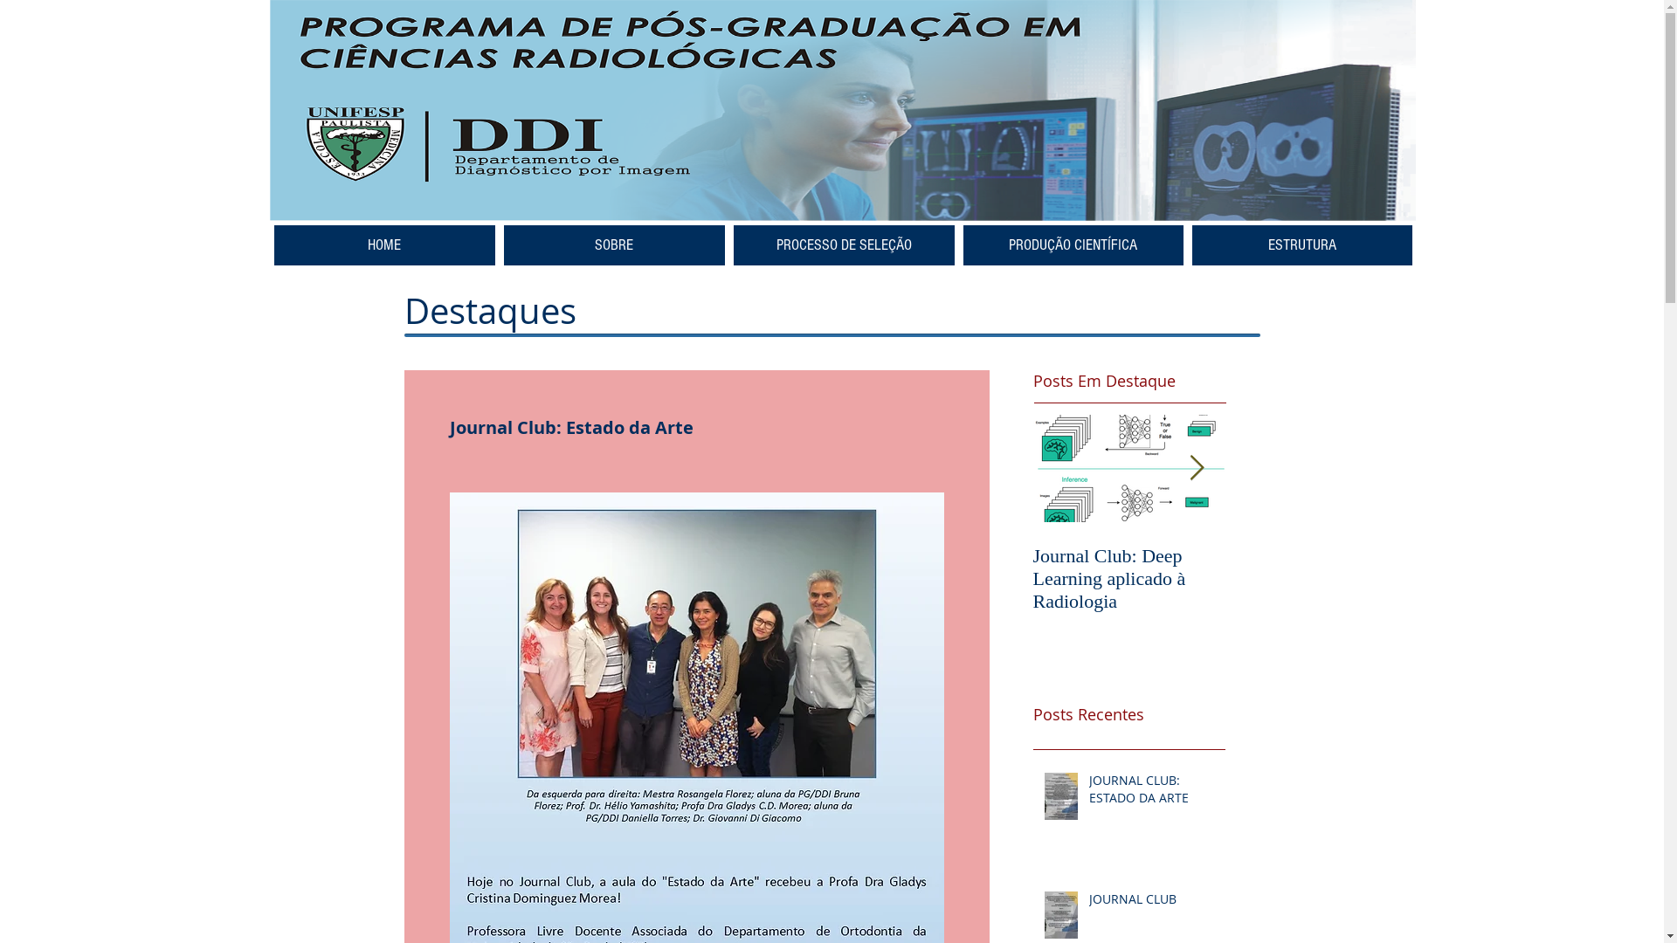 The image size is (1677, 943). I want to click on 'JOURNAL CLUB: ESTADO DA ARTE', so click(1151, 792).